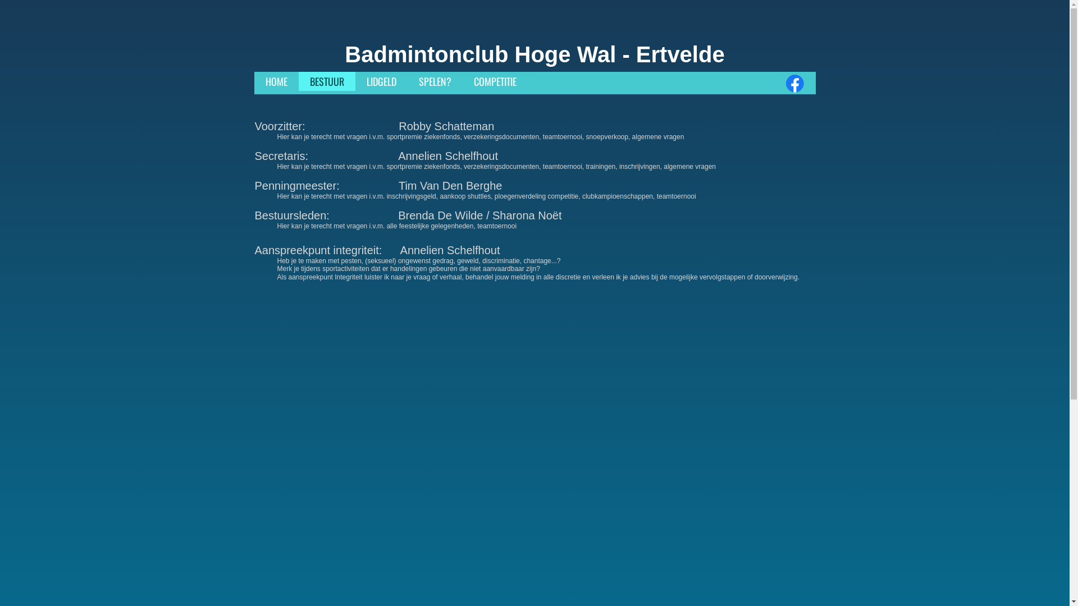 This screenshot has width=1078, height=606. I want to click on 'LIDGELD', so click(381, 81).